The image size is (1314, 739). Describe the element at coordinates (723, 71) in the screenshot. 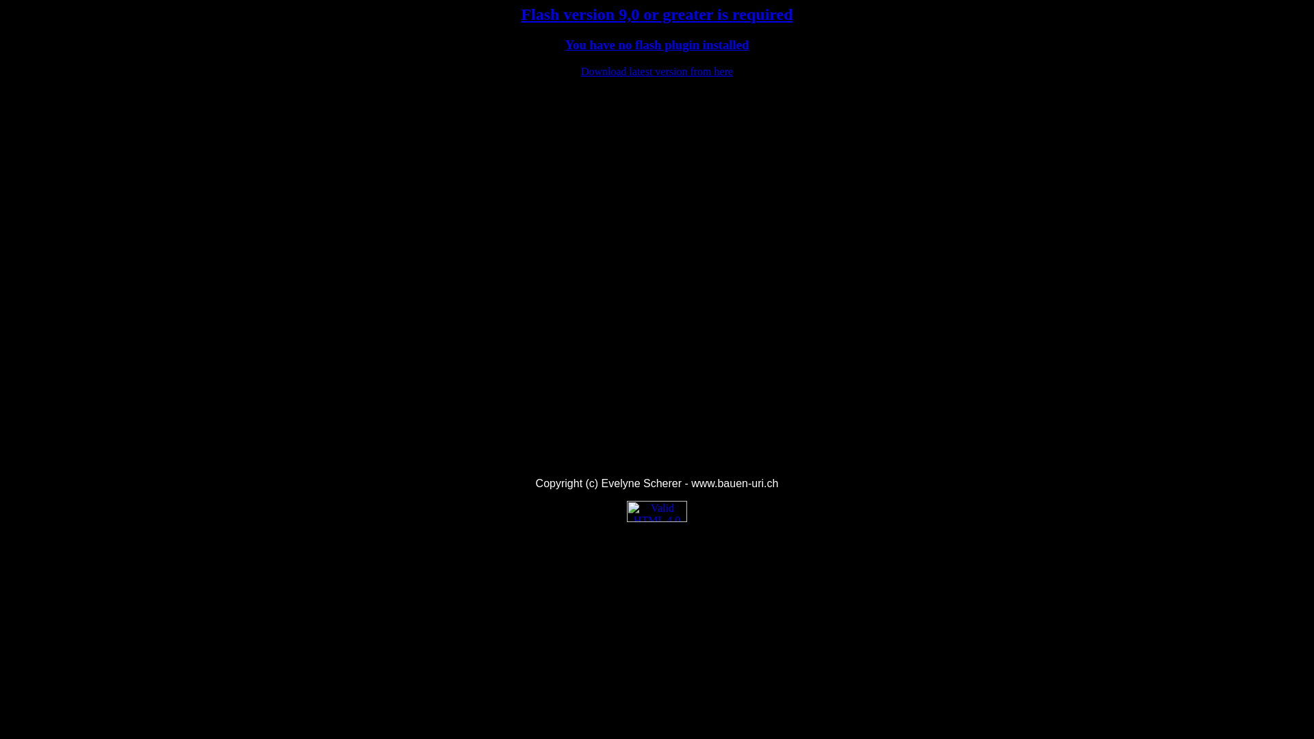

I see `'here'` at that location.